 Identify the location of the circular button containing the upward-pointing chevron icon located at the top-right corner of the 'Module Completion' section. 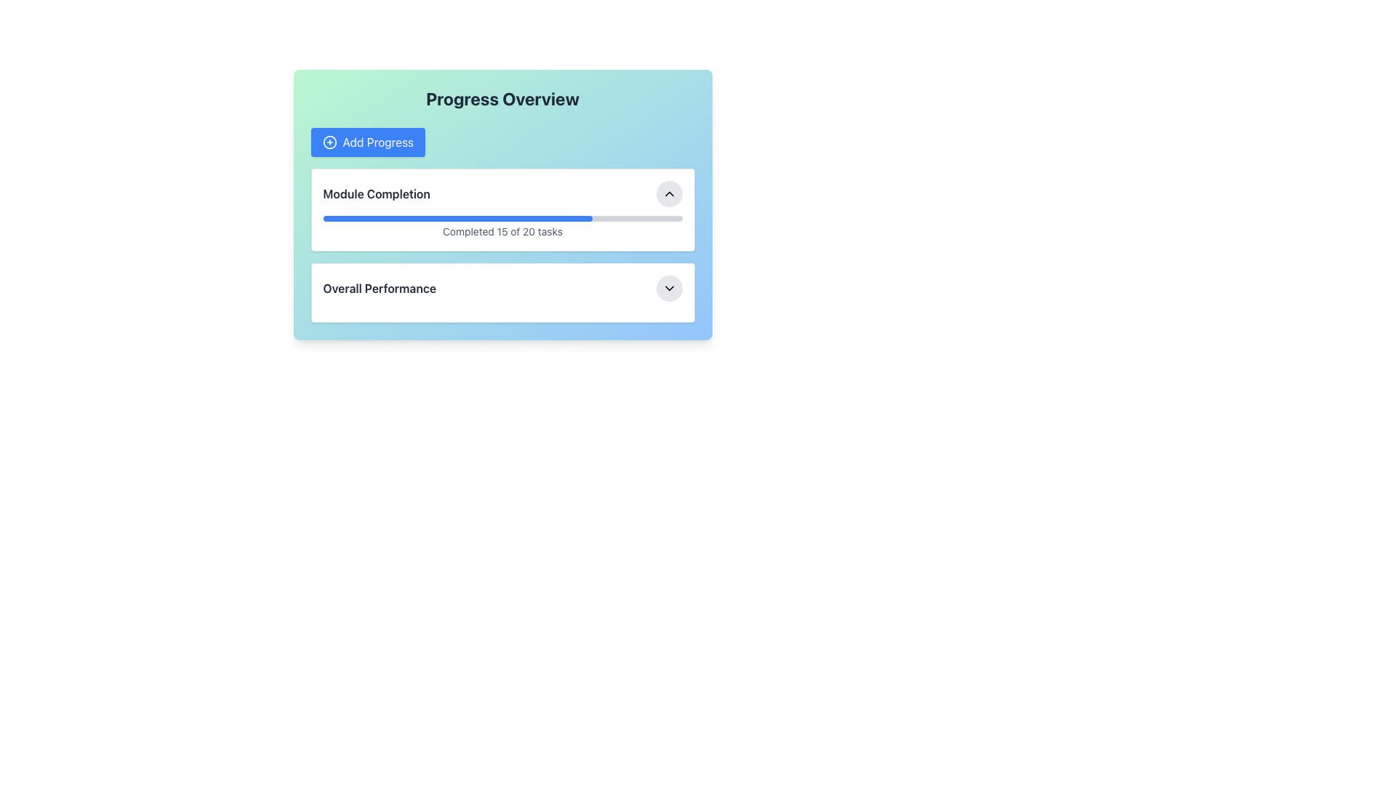
(668, 193).